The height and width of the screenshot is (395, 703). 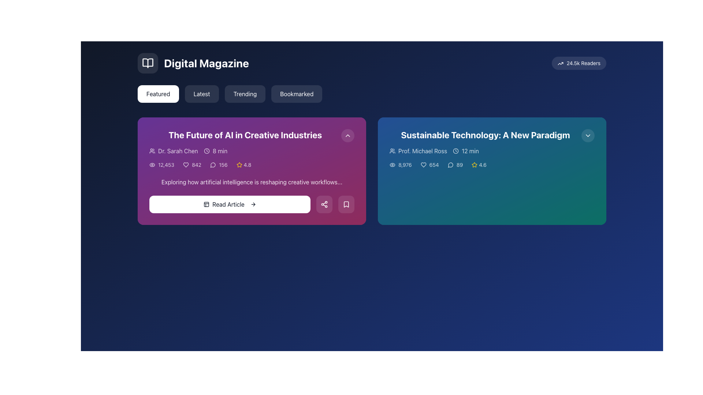 I want to click on headline text labeled 'The Future of AI in Creative Industries' displayed in bold, large-sized serif font on a purple background, located at the top center of the left card, so click(x=245, y=135).